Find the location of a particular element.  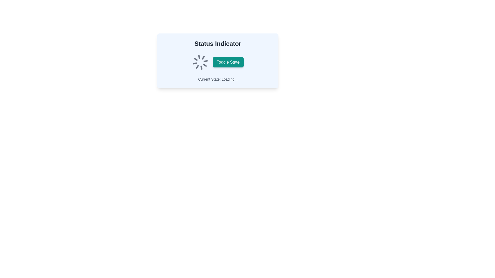

the eighth segment of the spinner icon, which is part of the loading representation within the 'Status Indicator' box is located at coordinates (205, 64).